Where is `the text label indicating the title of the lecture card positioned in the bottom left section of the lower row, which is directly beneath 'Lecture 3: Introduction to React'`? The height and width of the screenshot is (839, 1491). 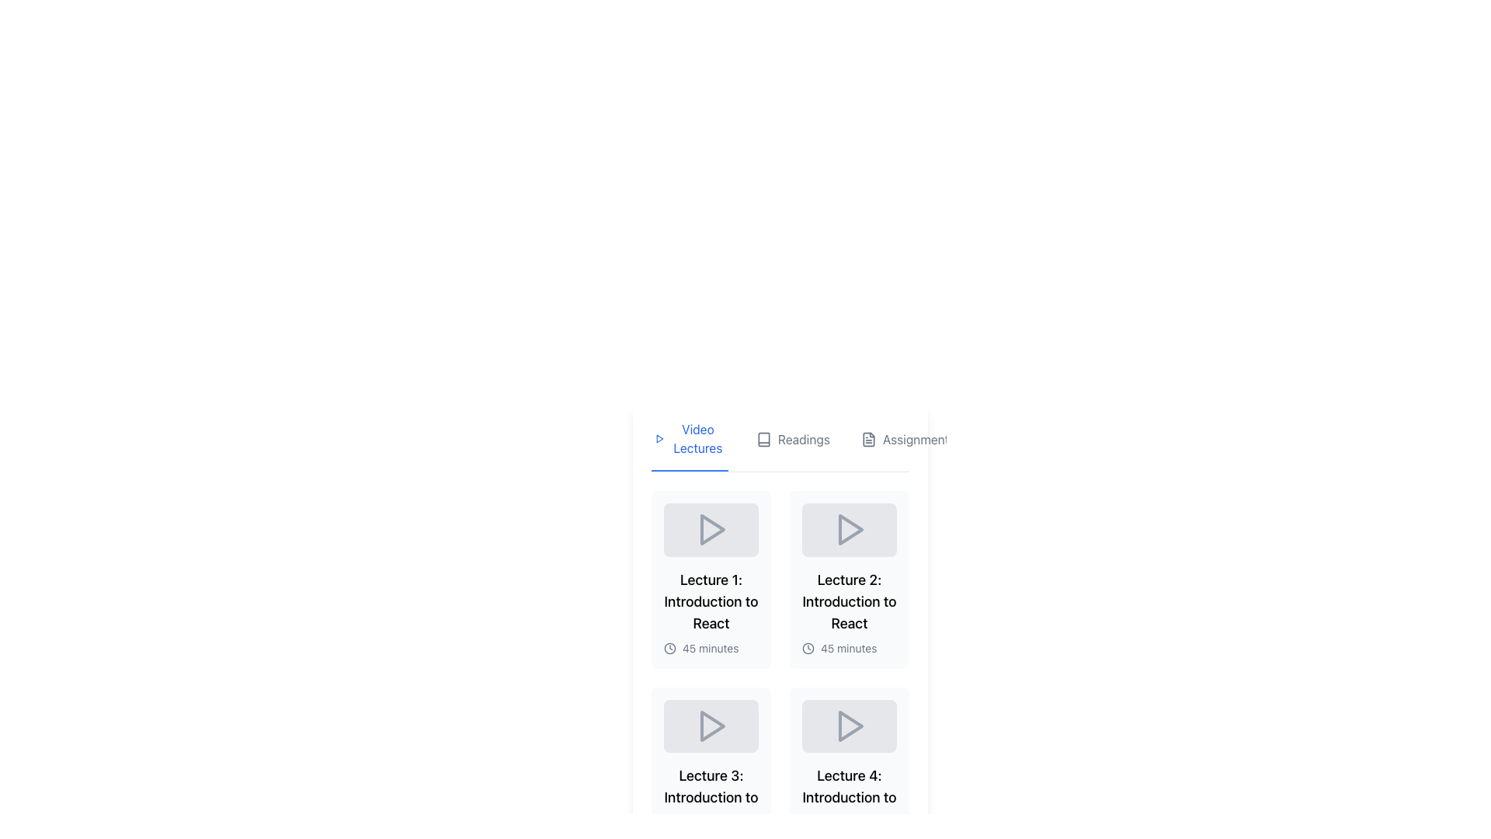
the text label indicating the title of the lecture card positioned in the bottom left section of the lower row, which is directly beneath 'Lecture 3: Introduction to React' is located at coordinates (849, 797).